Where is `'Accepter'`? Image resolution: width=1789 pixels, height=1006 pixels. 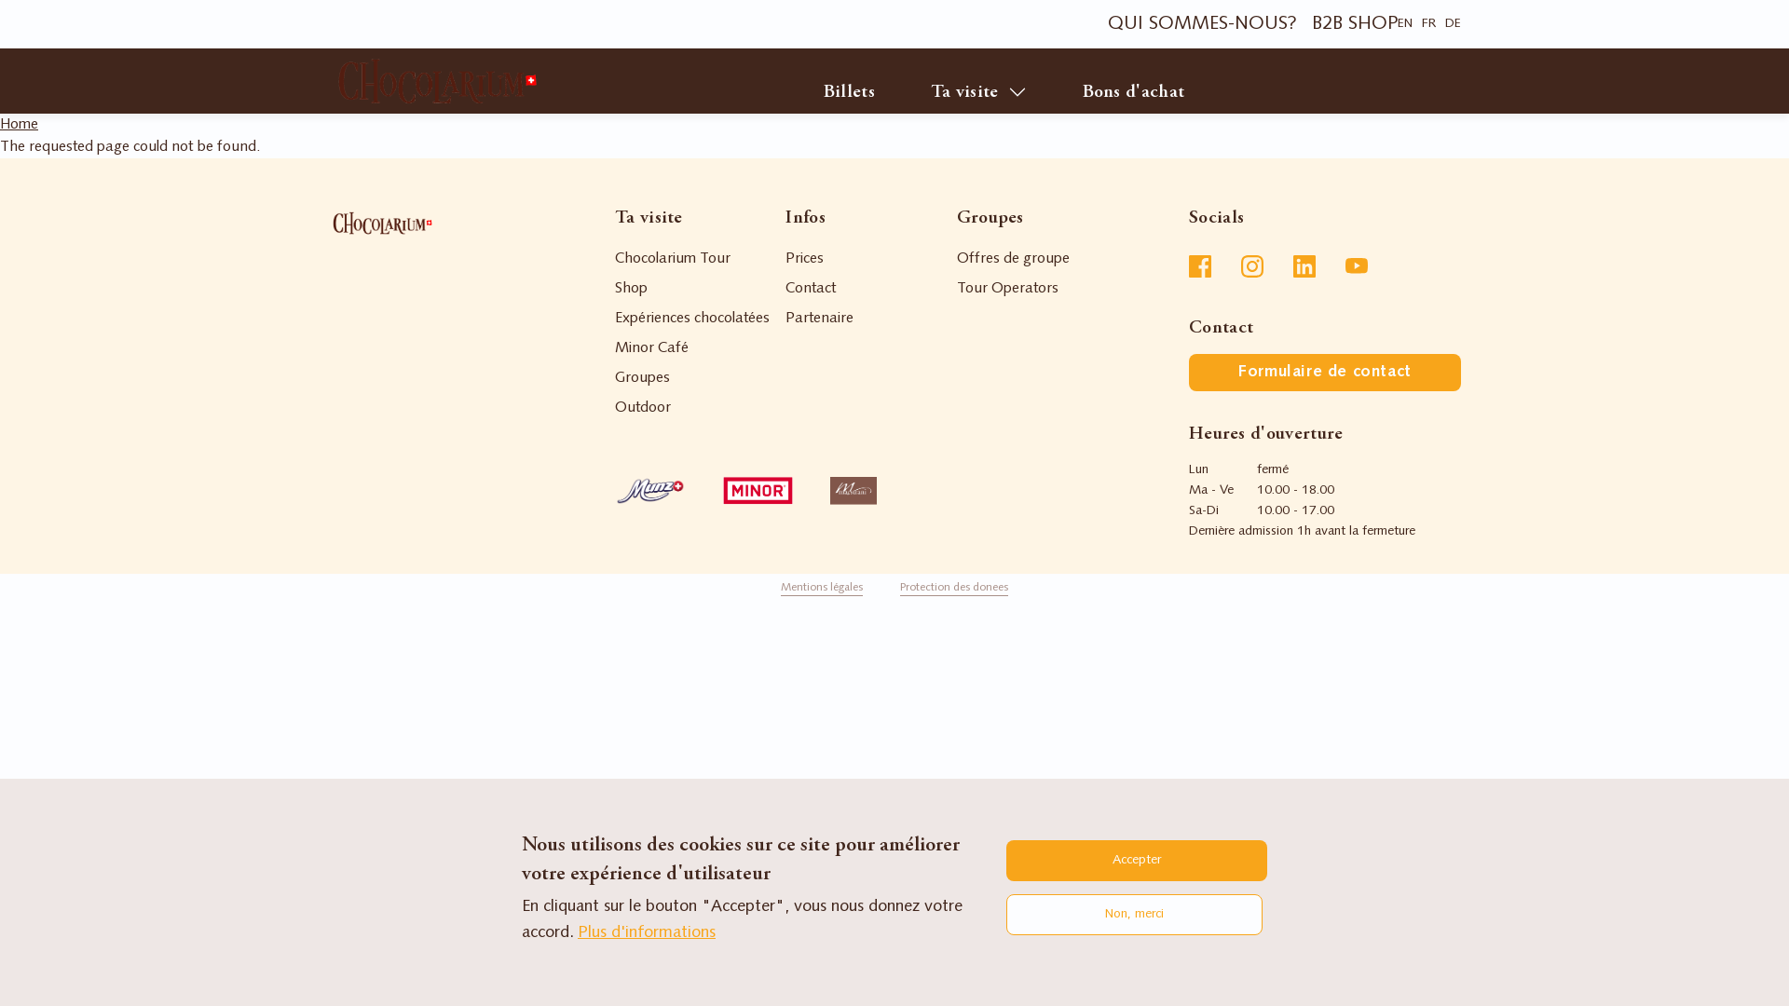 'Accepter' is located at coordinates (1135, 861).